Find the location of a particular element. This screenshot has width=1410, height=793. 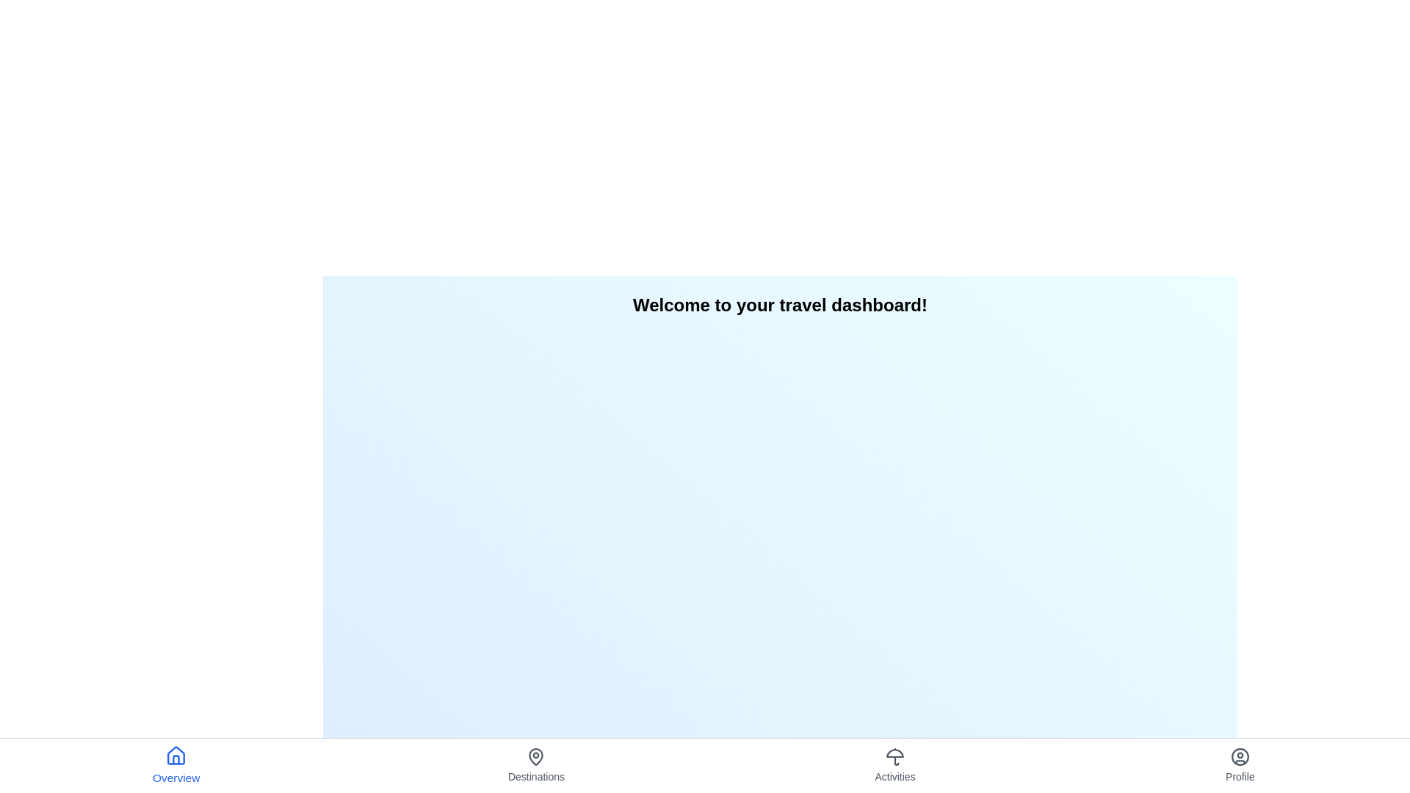

the narrow vertical line representing the handle of the umbrella icon within the Activities section of the bottom navigation bar is located at coordinates (896, 760).